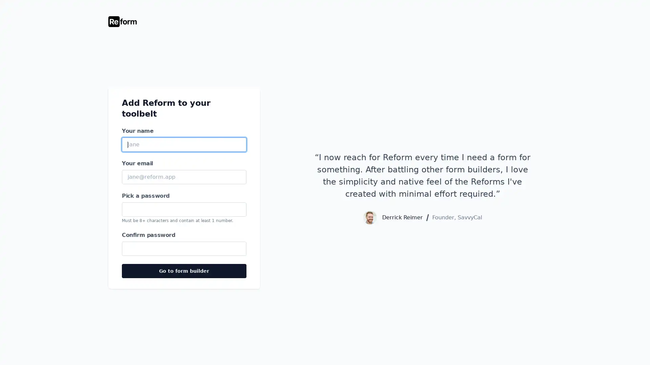 The height and width of the screenshot is (365, 650). I want to click on Go to form builder, so click(184, 271).